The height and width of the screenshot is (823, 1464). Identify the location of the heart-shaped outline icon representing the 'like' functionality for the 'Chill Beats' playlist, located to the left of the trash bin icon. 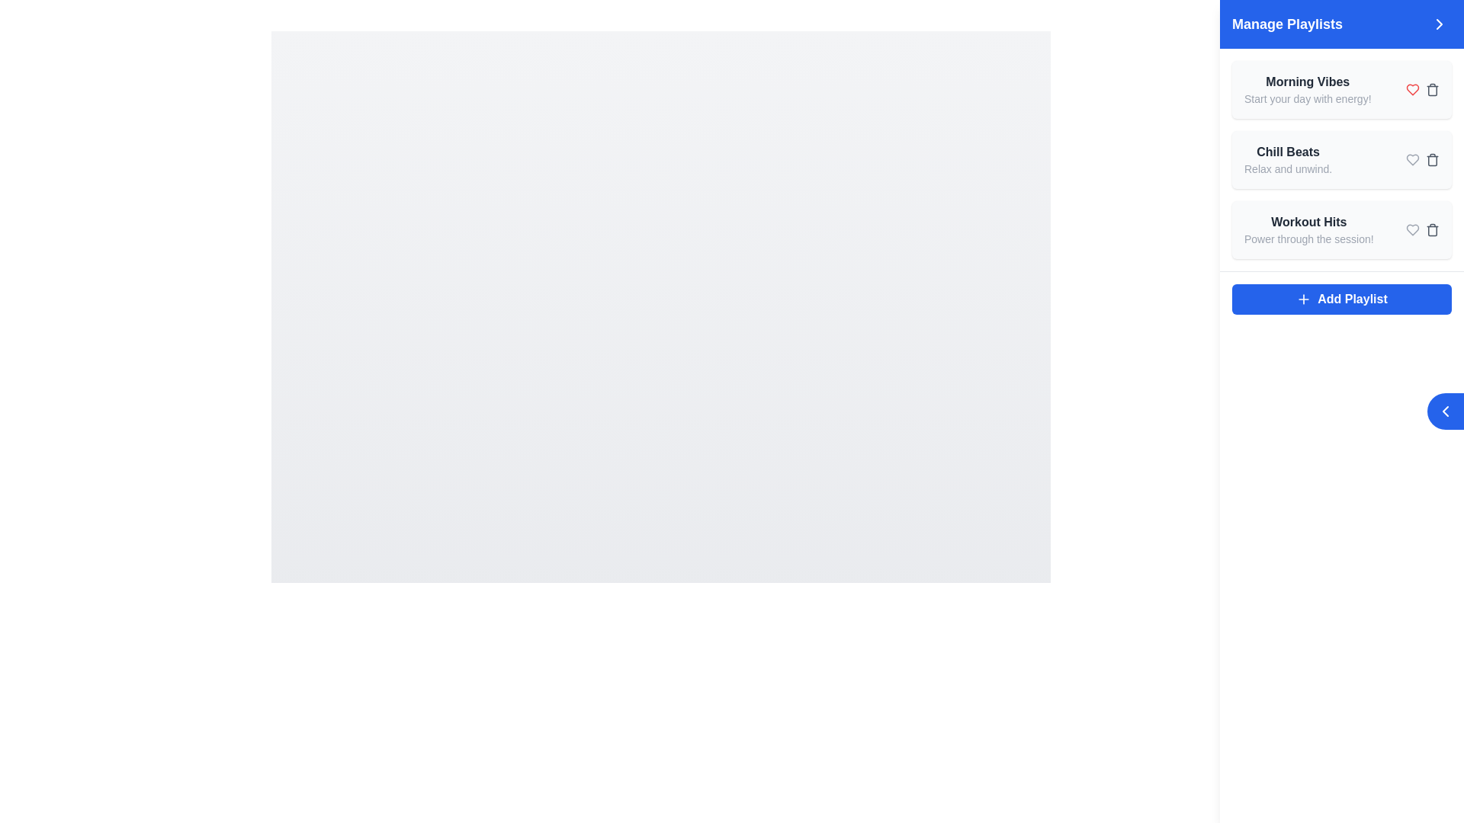
(1411, 159).